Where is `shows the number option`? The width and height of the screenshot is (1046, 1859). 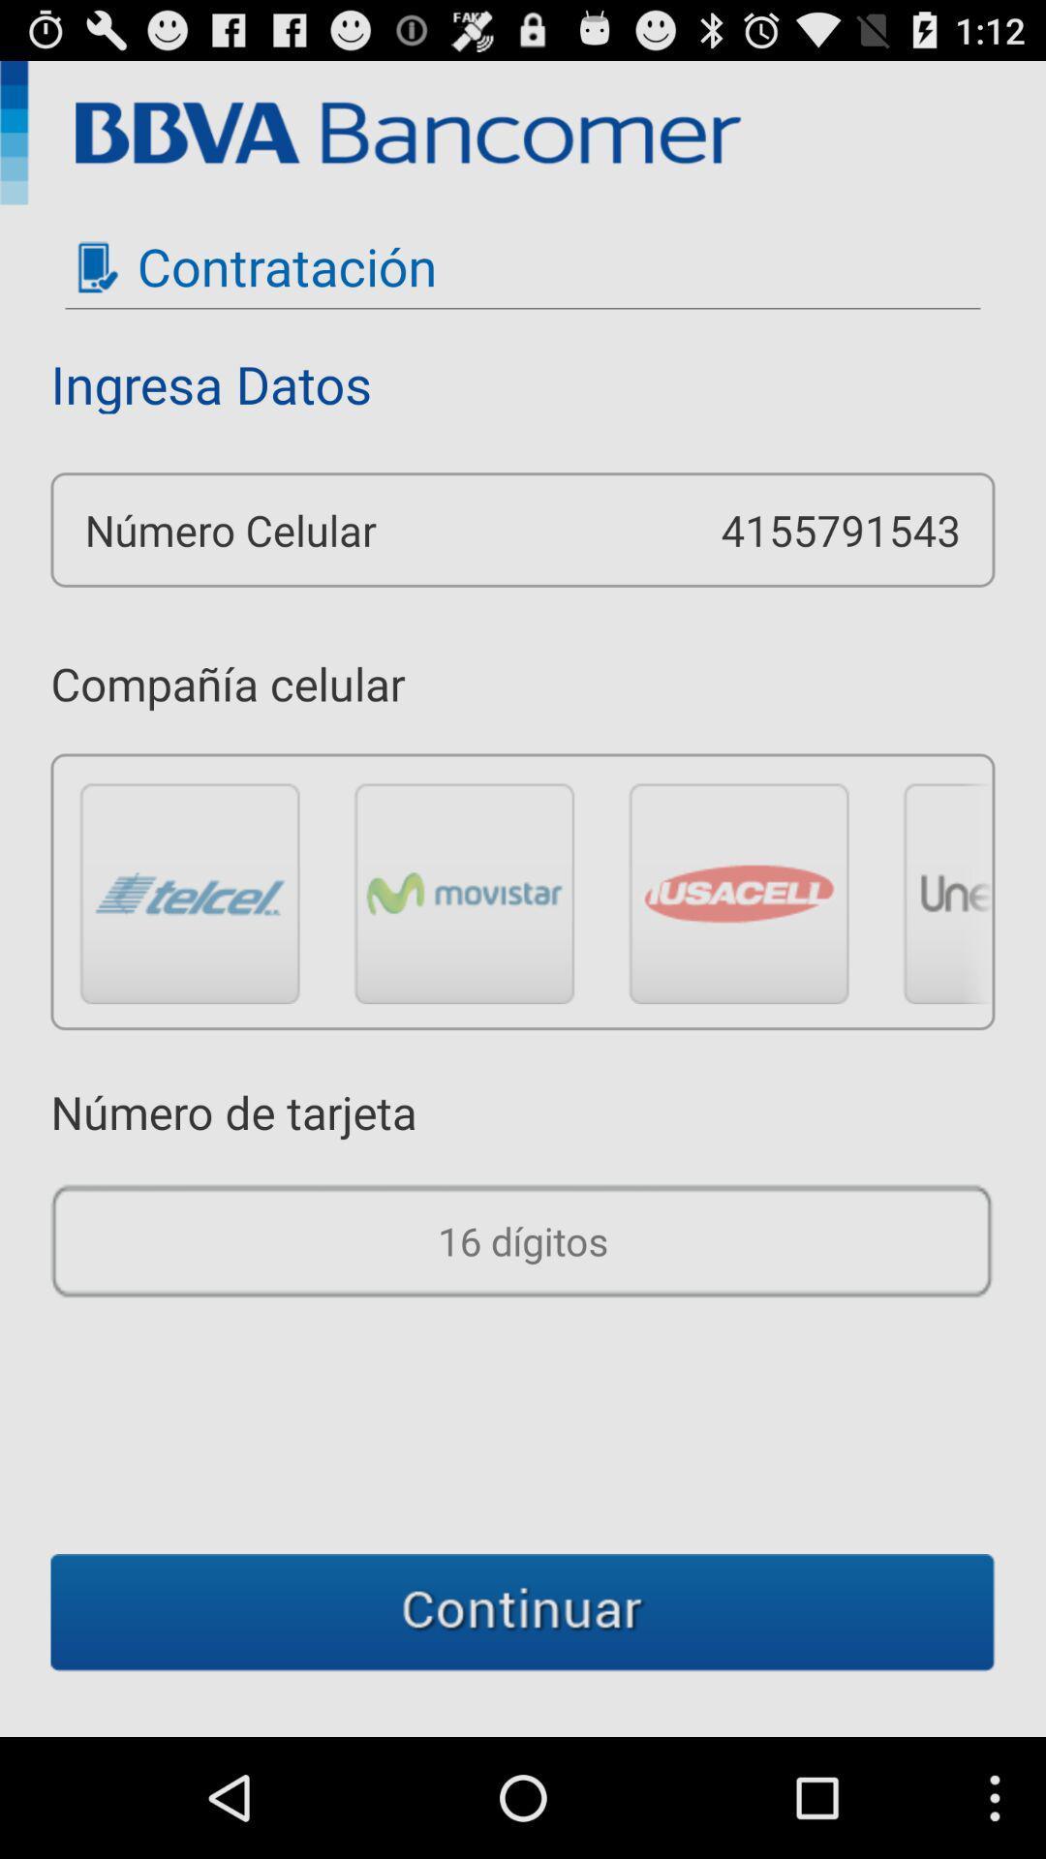 shows the number option is located at coordinates (523, 1240).